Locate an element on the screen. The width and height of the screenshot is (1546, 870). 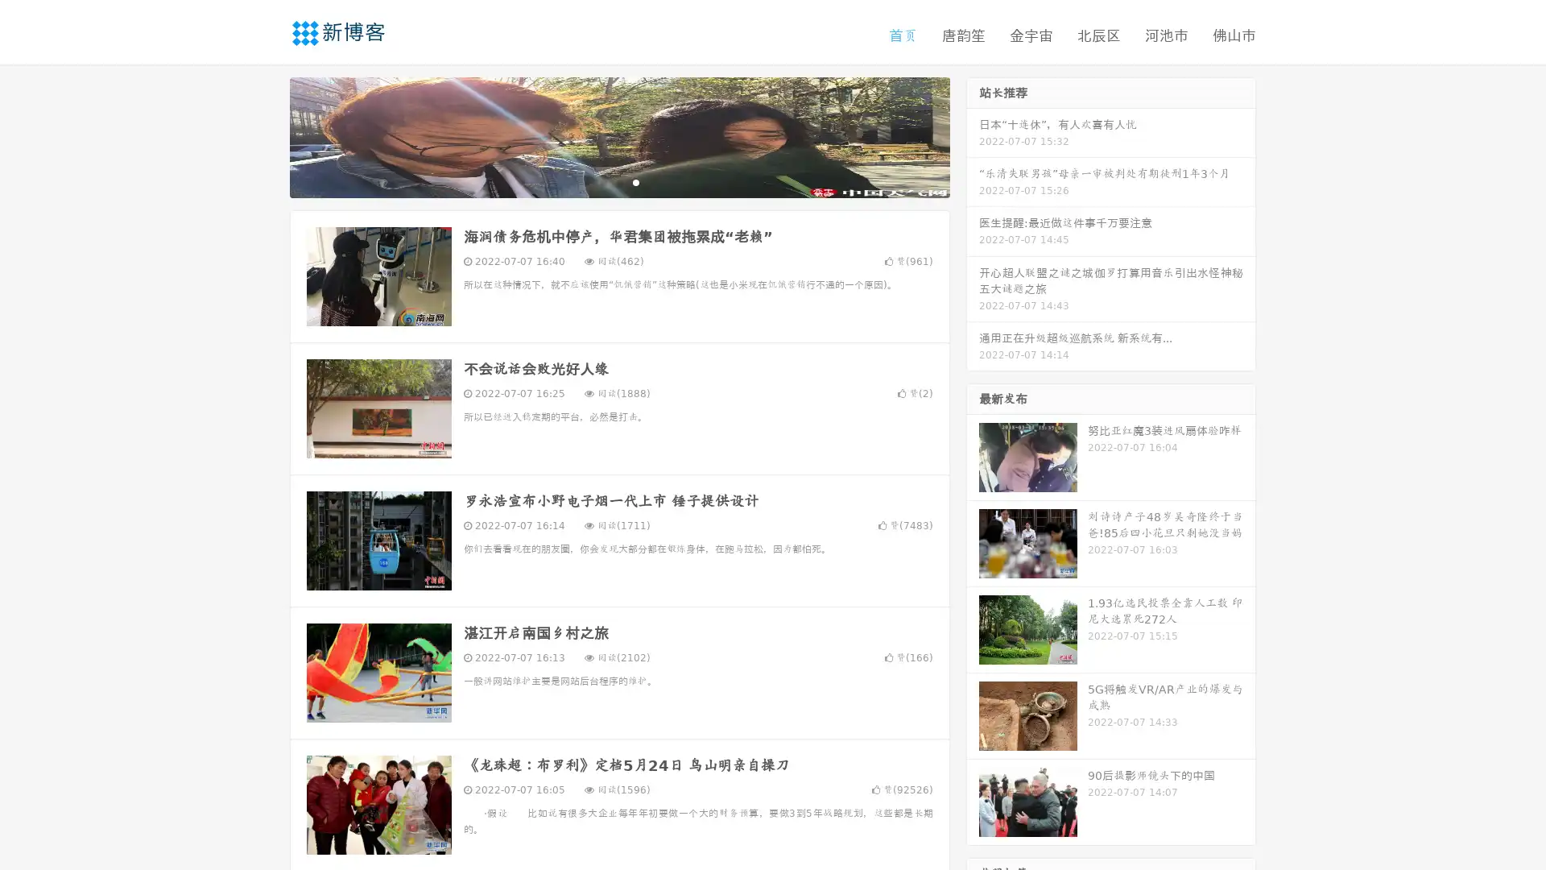
Next slide is located at coordinates (973, 135).